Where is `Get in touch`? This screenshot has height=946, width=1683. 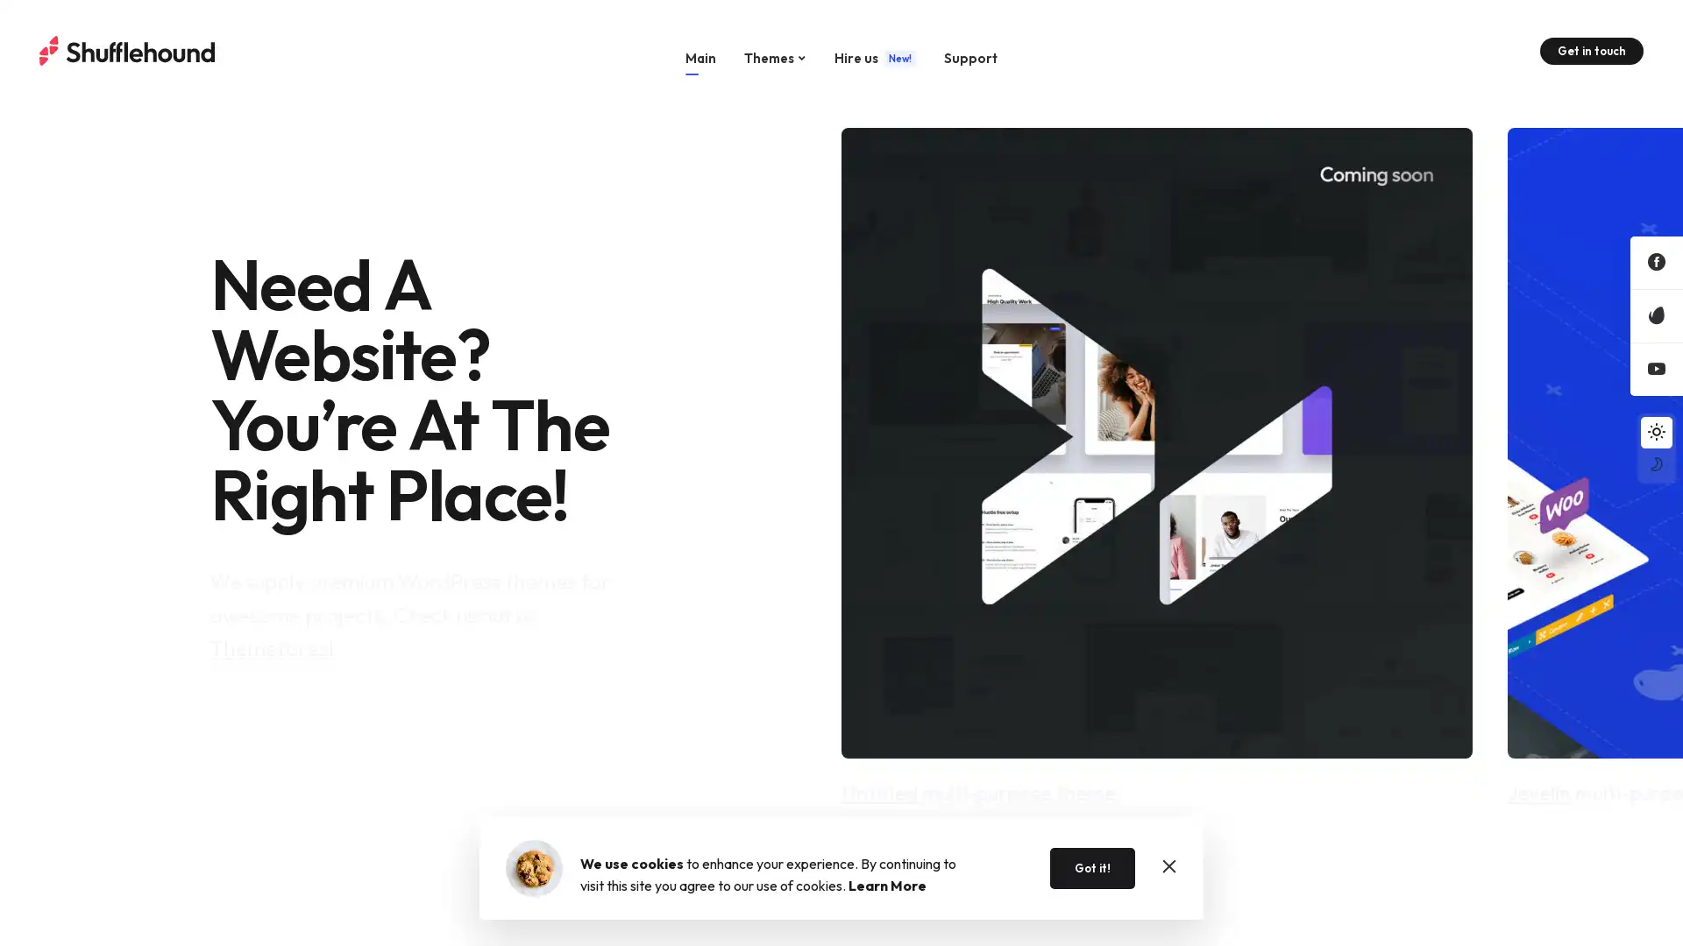 Get in touch is located at coordinates (1590, 49).